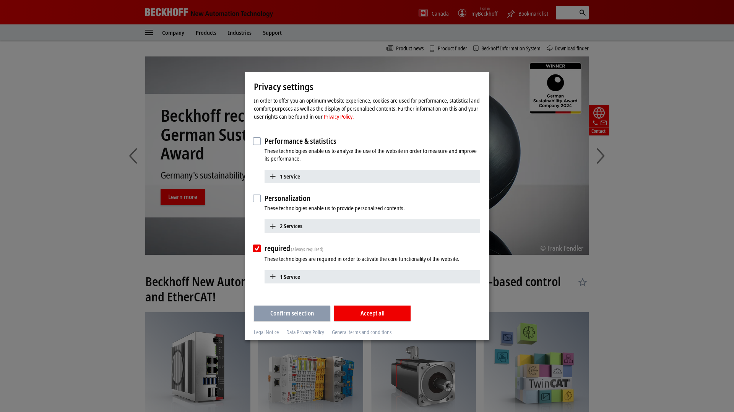 The height and width of the screenshot is (412, 734). Describe the element at coordinates (598, 120) in the screenshot. I see `'Contact'` at that location.